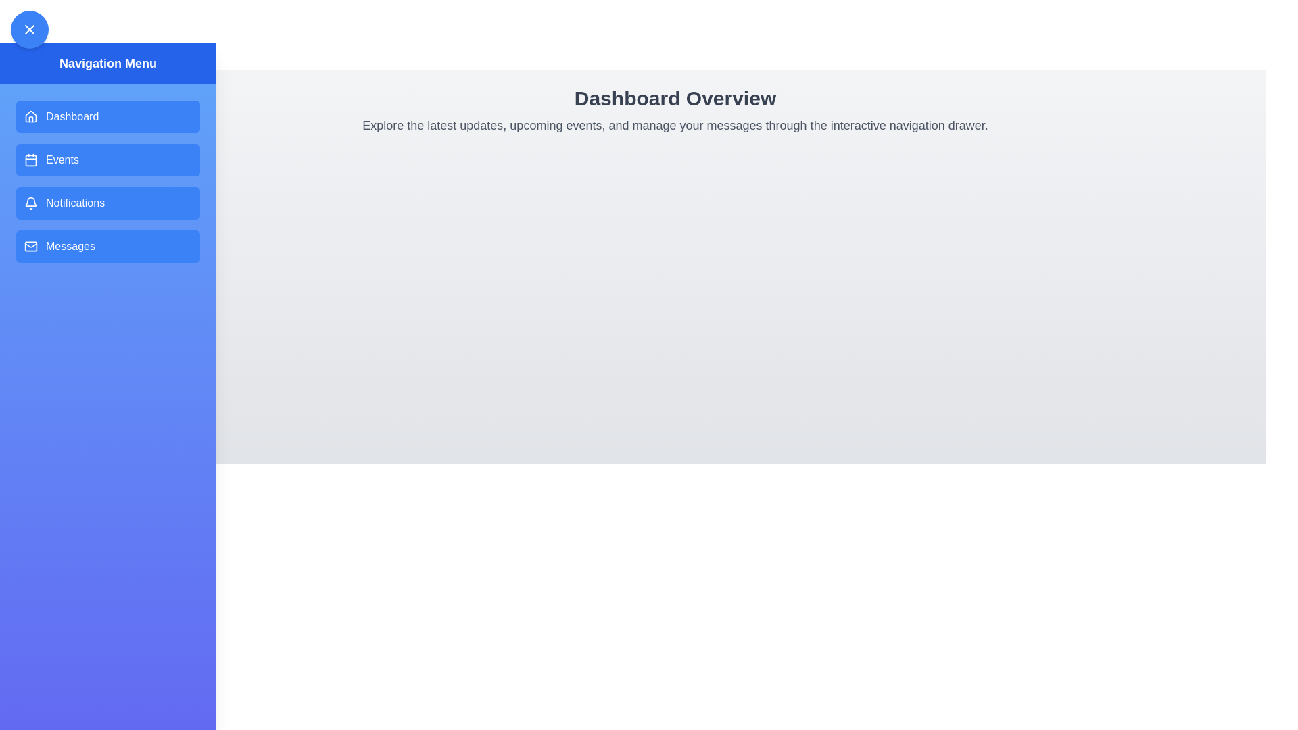  Describe the element at coordinates (107, 64) in the screenshot. I see `the drawer header to initiate customization` at that location.